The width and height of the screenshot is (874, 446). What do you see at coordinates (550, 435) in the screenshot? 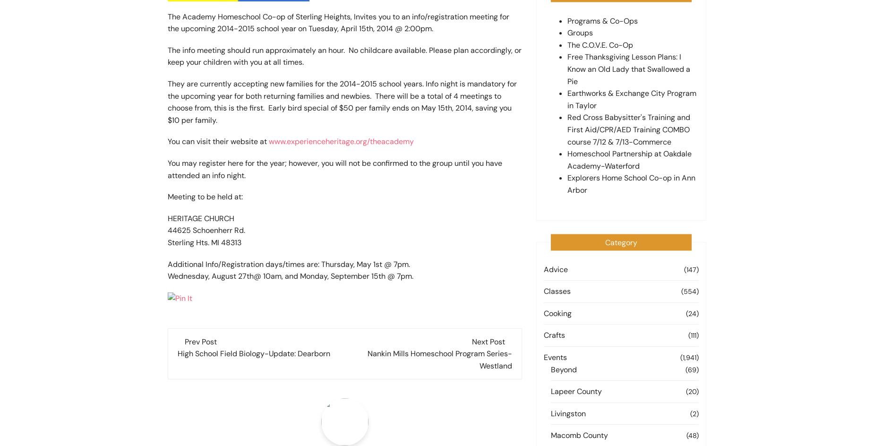
I see `'Macomb County'` at bounding box center [550, 435].